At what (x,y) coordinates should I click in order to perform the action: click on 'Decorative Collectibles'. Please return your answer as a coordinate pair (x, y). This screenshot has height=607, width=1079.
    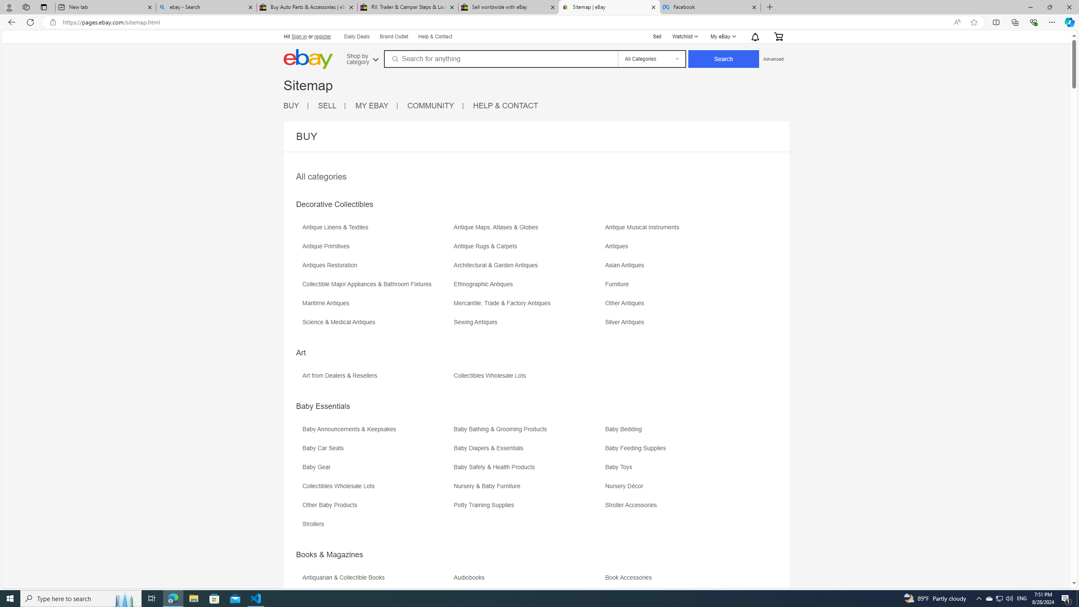
    Looking at the image, I should click on (334, 204).